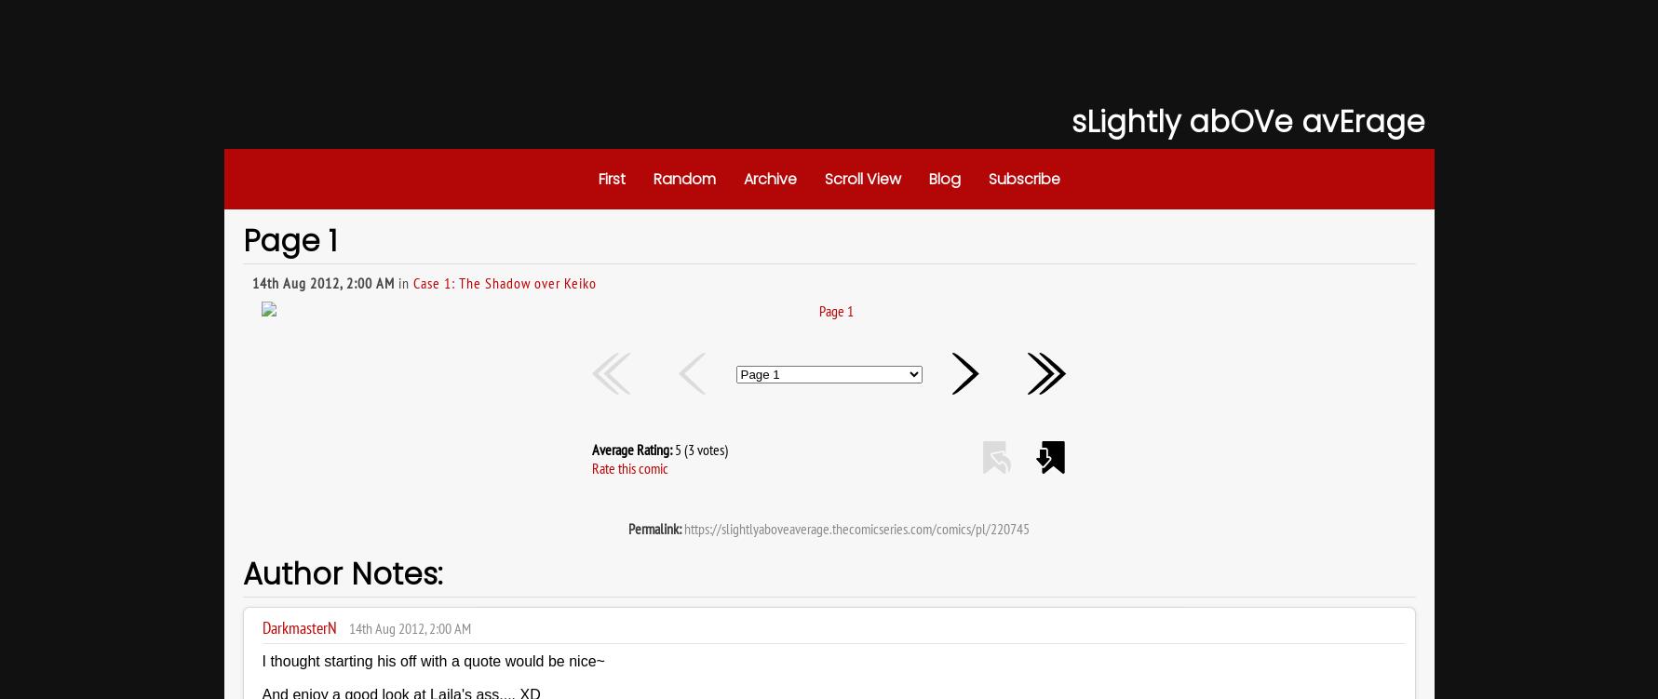 The width and height of the screenshot is (1658, 699). Describe the element at coordinates (629, 468) in the screenshot. I see `'Rate this comic'` at that location.